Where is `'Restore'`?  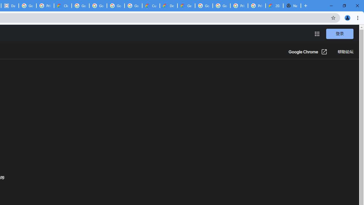 'Restore' is located at coordinates (344, 6).